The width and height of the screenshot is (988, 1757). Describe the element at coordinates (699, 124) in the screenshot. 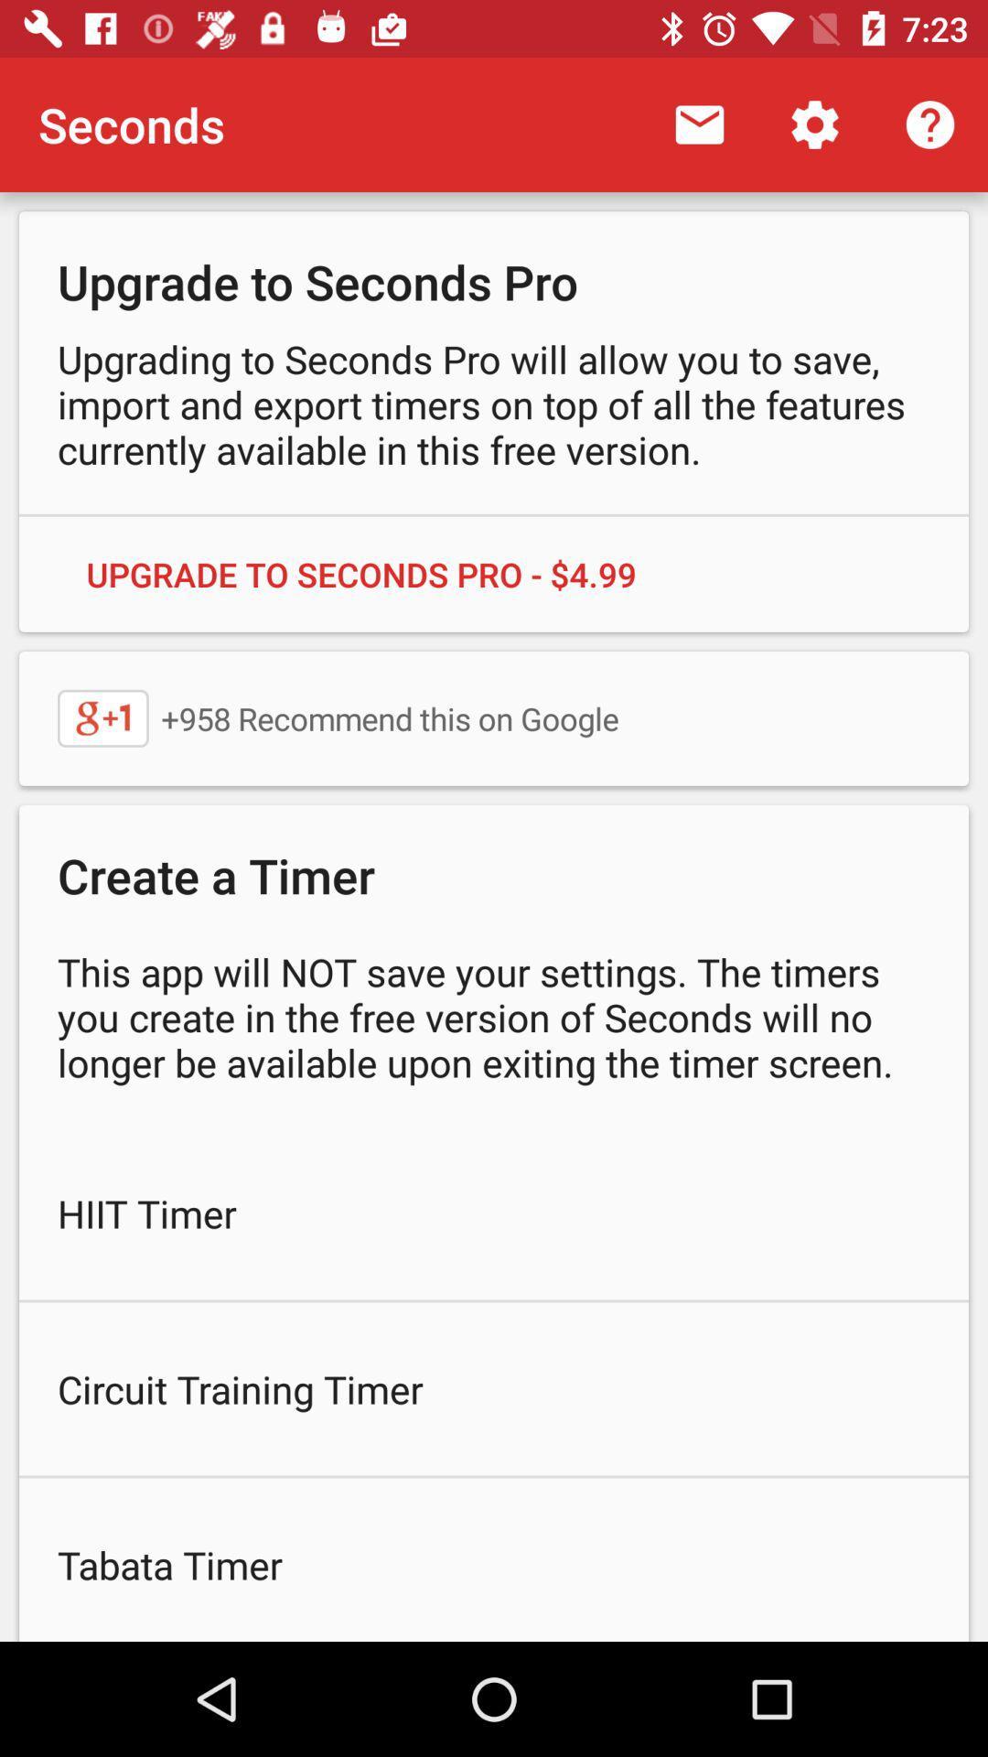

I see `app to the right of the seconds icon` at that location.